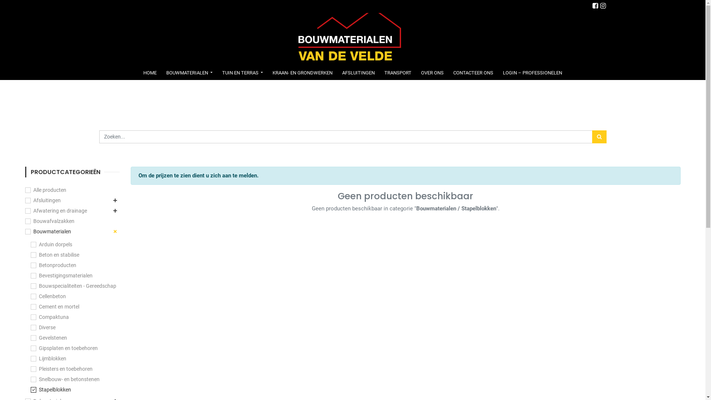  I want to click on 'AFSLUITINGEN', so click(358, 73).